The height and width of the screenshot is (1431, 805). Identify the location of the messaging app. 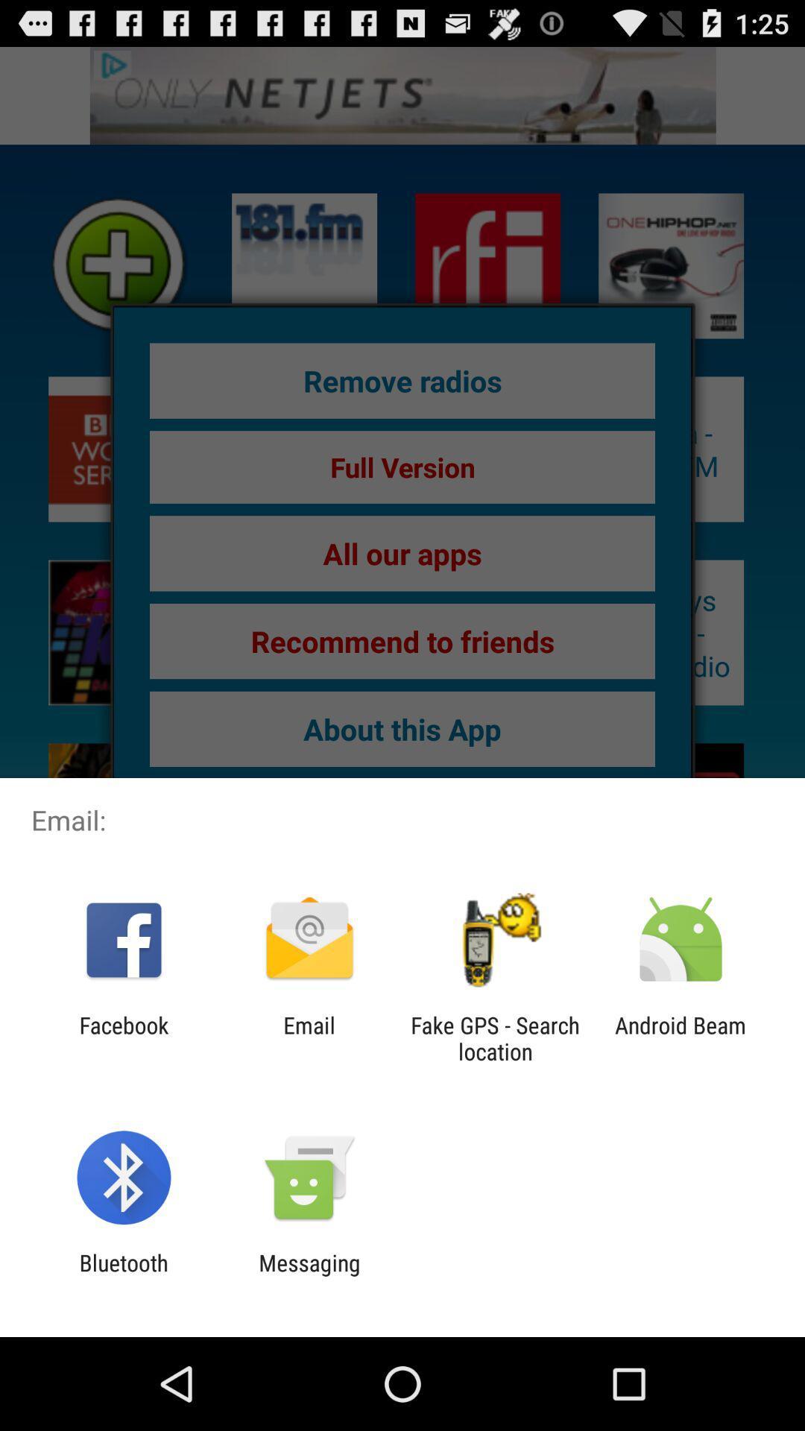
(309, 1275).